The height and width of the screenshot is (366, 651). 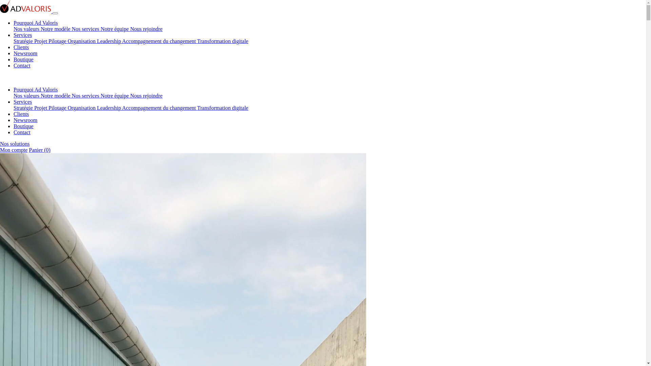 What do you see at coordinates (86, 96) in the screenshot?
I see `'Nos services'` at bounding box center [86, 96].